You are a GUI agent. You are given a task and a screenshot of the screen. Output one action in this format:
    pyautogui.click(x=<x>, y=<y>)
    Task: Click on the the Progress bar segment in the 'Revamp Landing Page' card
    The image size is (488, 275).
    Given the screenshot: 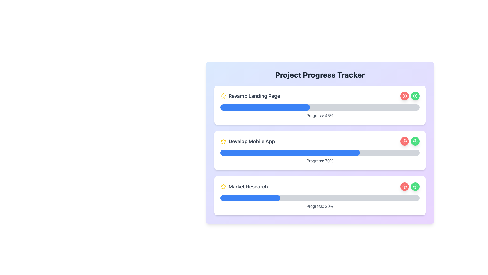 What is the action you would take?
    pyautogui.click(x=265, y=107)
    